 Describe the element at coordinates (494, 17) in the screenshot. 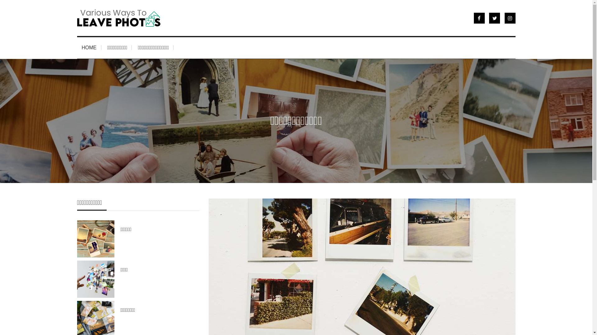

I see `'Twitter'` at that location.